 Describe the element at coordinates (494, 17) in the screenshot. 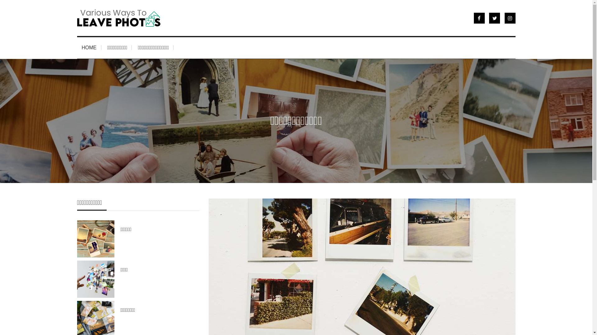

I see `'Twitter'` at that location.